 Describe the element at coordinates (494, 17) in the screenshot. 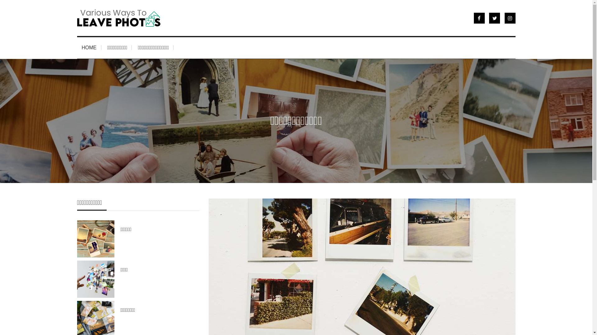

I see `'Twitter'` at that location.